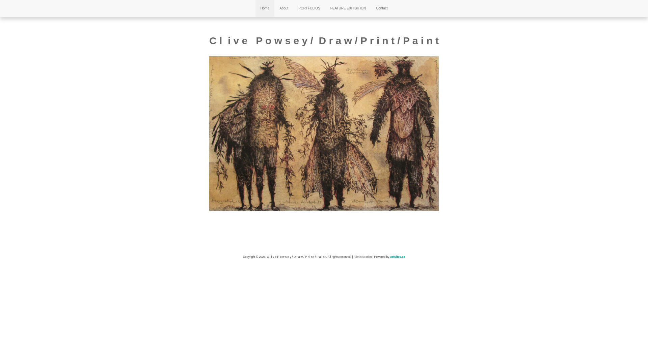 The image size is (648, 364). I want to click on 'Home', so click(265, 8).